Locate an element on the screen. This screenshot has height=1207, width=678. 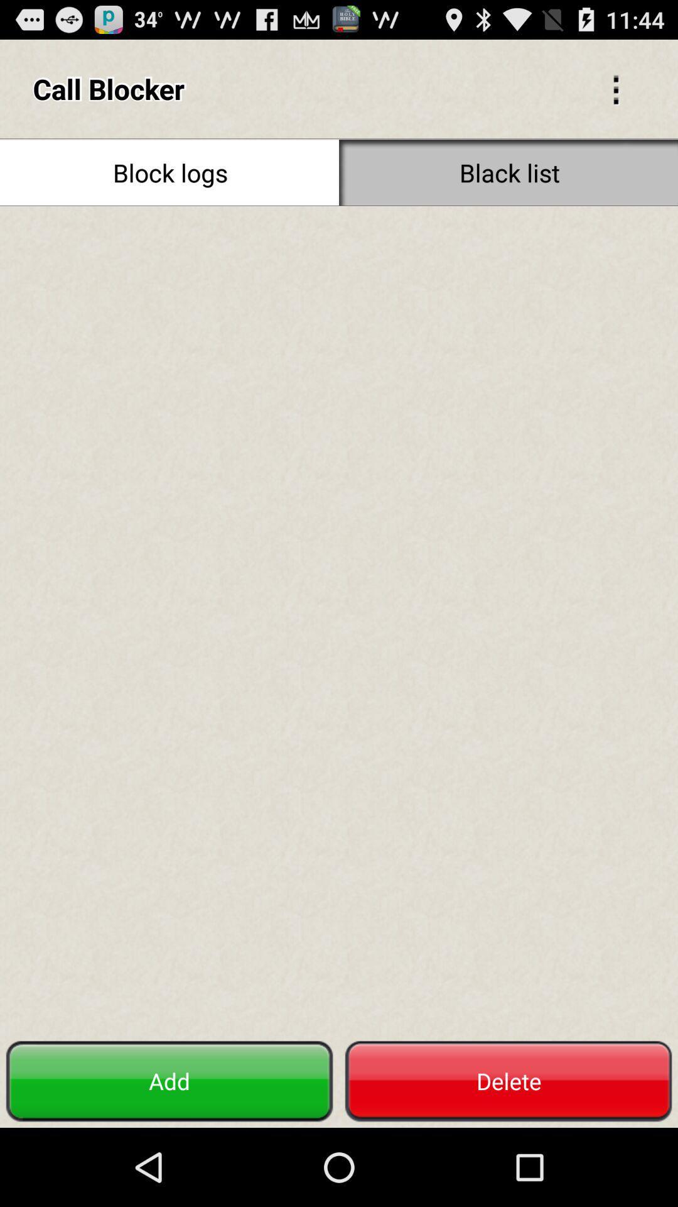
icon next to black list icon is located at coordinates (169, 172).